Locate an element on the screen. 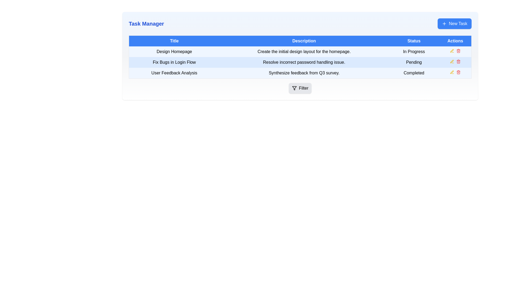 The image size is (513, 288). the icon located on the left side of the 'New Task' textual label in the top-right corner of the interface to trigger tooltips or visual feedback is located at coordinates (444, 23).